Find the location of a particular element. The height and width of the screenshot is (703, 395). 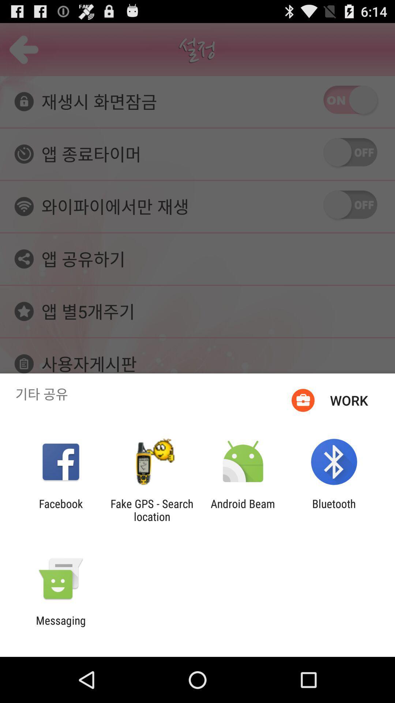

facebook is located at coordinates (60, 510).